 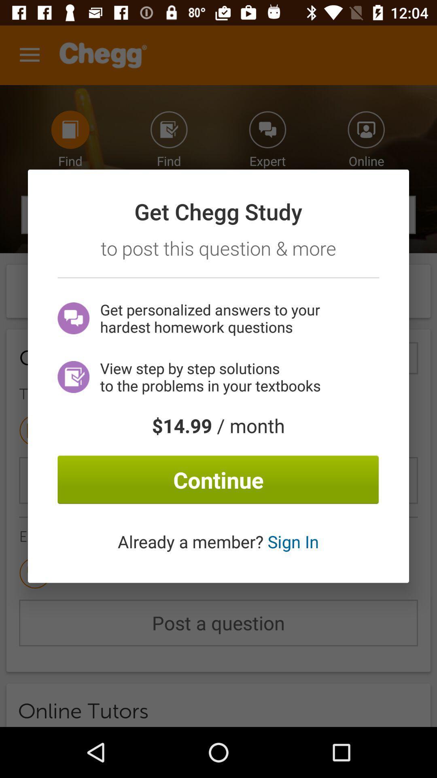 I want to click on icon below continue icon, so click(x=218, y=541).